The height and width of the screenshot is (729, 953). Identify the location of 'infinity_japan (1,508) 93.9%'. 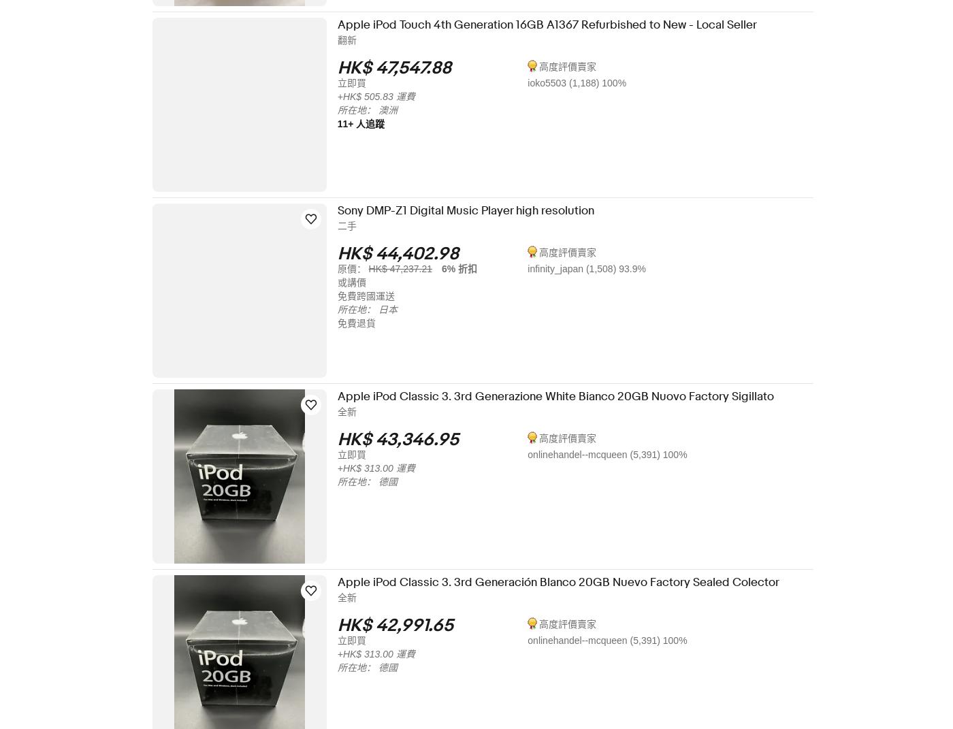
(596, 268).